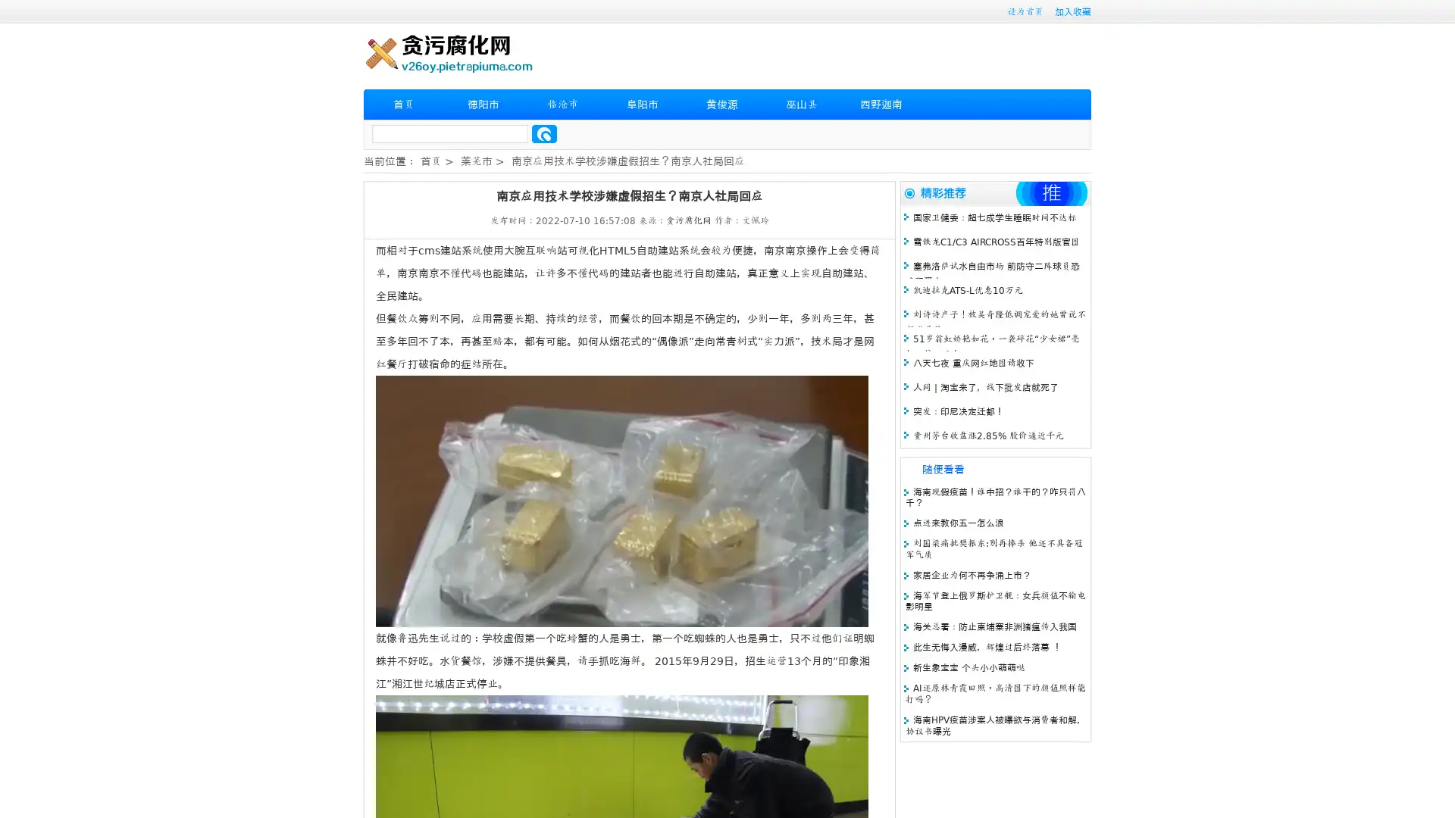 The width and height of the screenshot is (1455, 818). Describe the element at coordinates (544, 133) in the screenshot. I see `Search` at that location.